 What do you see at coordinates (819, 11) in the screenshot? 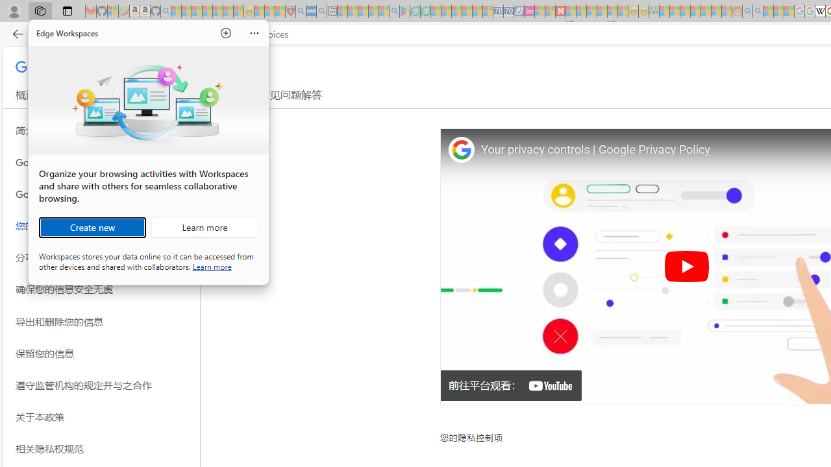
I see `'Target page - Wikipedia'` at bounding box center [819, 11].